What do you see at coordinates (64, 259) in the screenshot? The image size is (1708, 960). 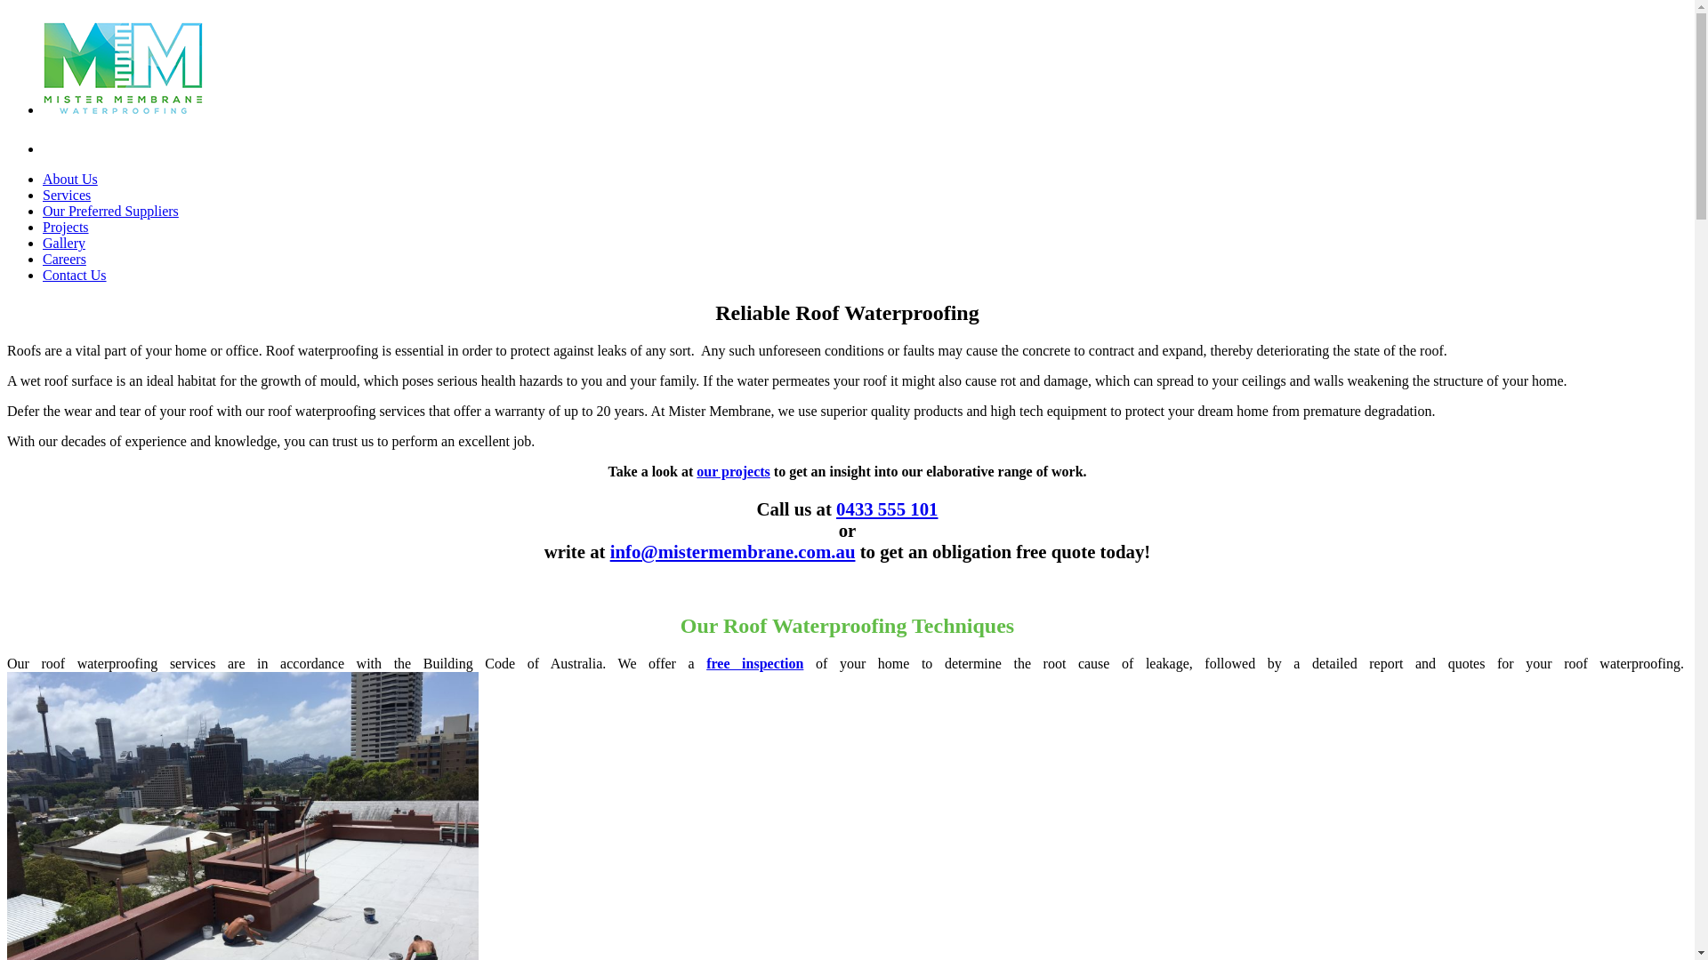 I see `'Careers'` at bounding box center [64, 259].